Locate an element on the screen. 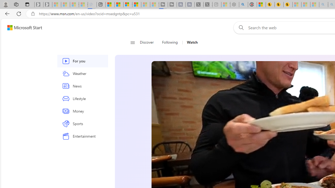  'poe - Search' is located at coordinates (243, 4).